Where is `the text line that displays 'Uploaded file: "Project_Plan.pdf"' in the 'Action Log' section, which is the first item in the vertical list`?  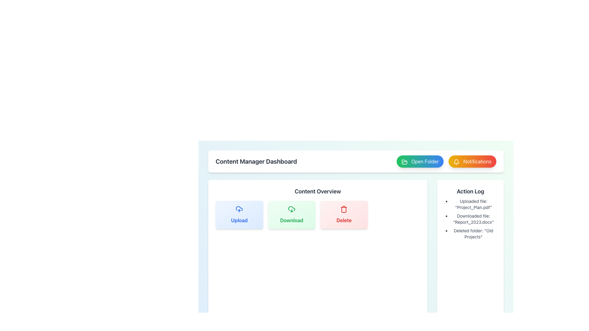
the text line that displays 'Uploaded file: "Project_Plan.pdf"' in the 'Action Log' section, which is the first item in the vertical list is located at coordinates (473, 204).